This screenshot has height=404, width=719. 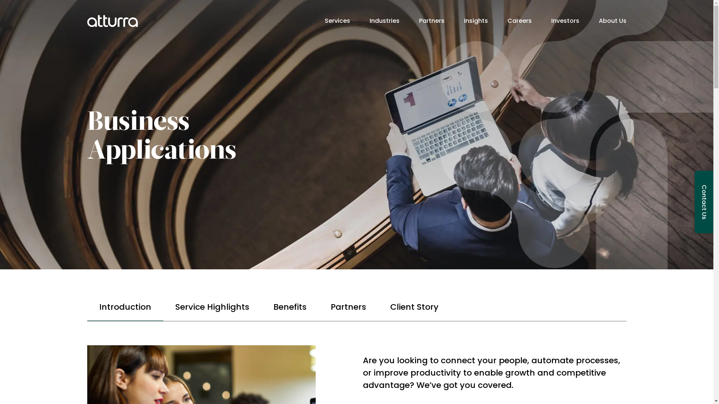 I want to click on 'Partners', so click(x=348, y=307).